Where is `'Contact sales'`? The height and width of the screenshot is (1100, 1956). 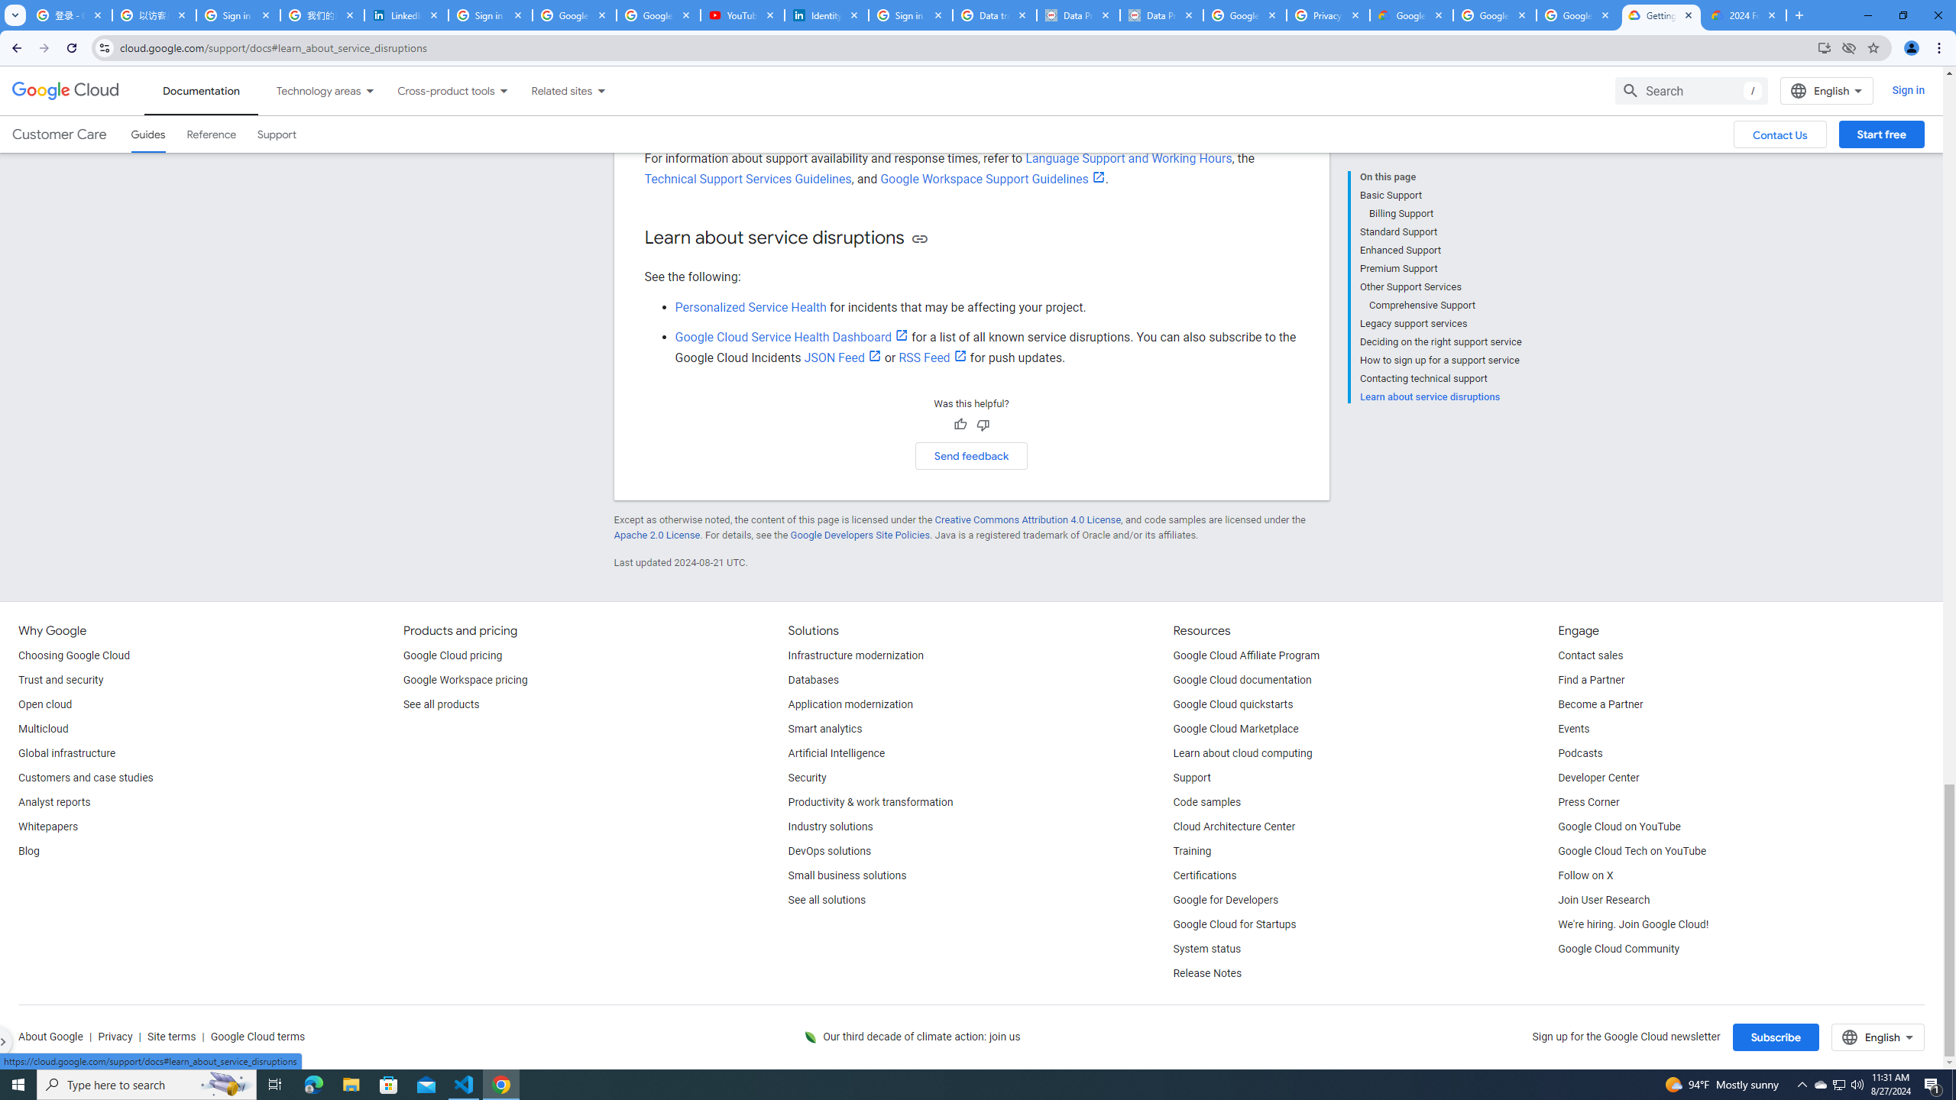 'Contact sales' is located at coordinates (1589, 655).